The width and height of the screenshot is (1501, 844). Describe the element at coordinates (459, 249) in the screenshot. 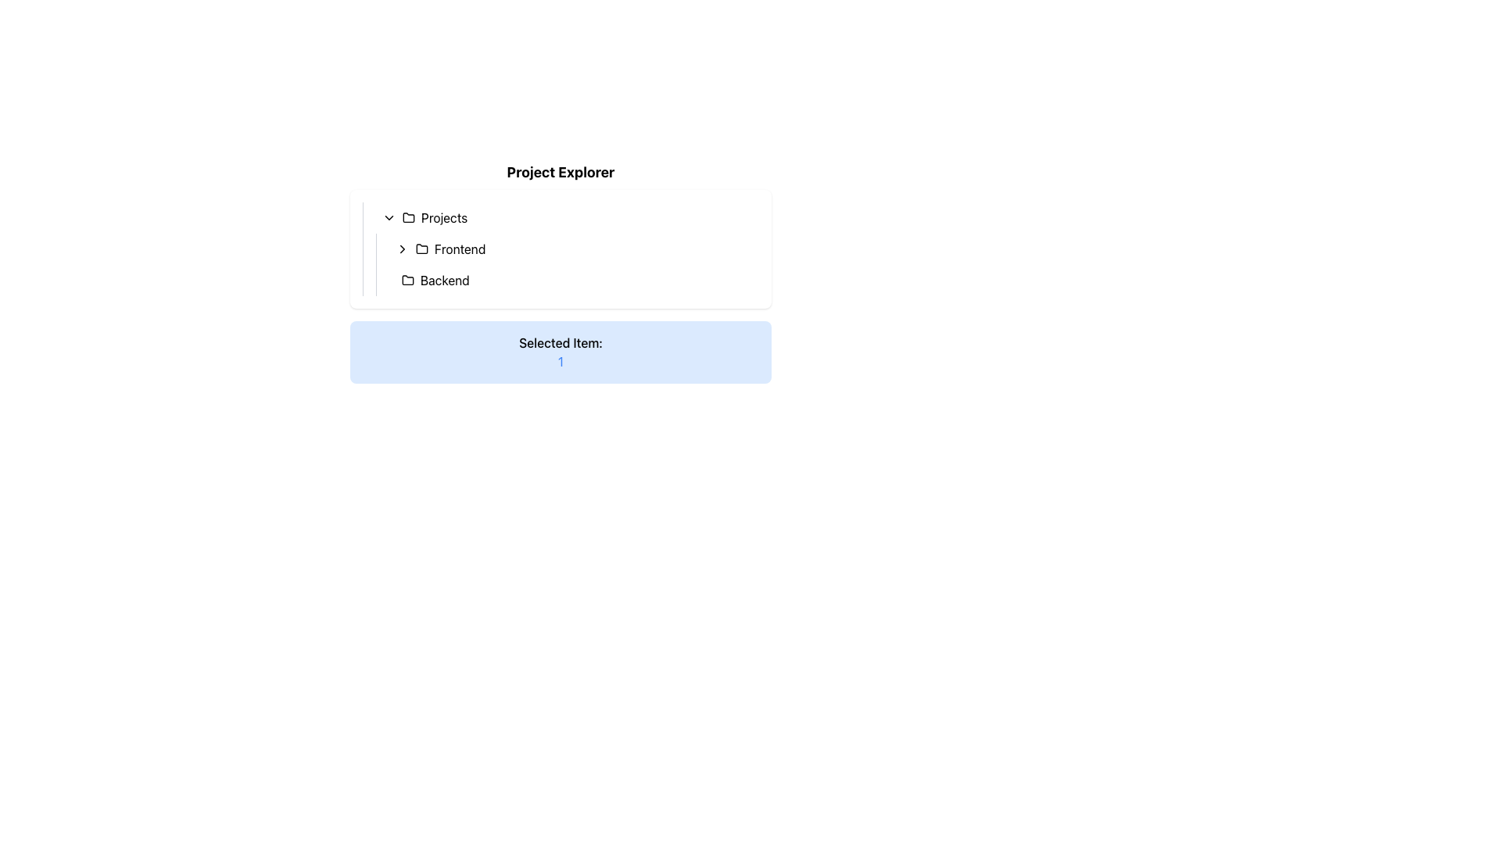

I see `the text label 'Frontend' under the 'Projects' section in the Project Explorer` at that location.